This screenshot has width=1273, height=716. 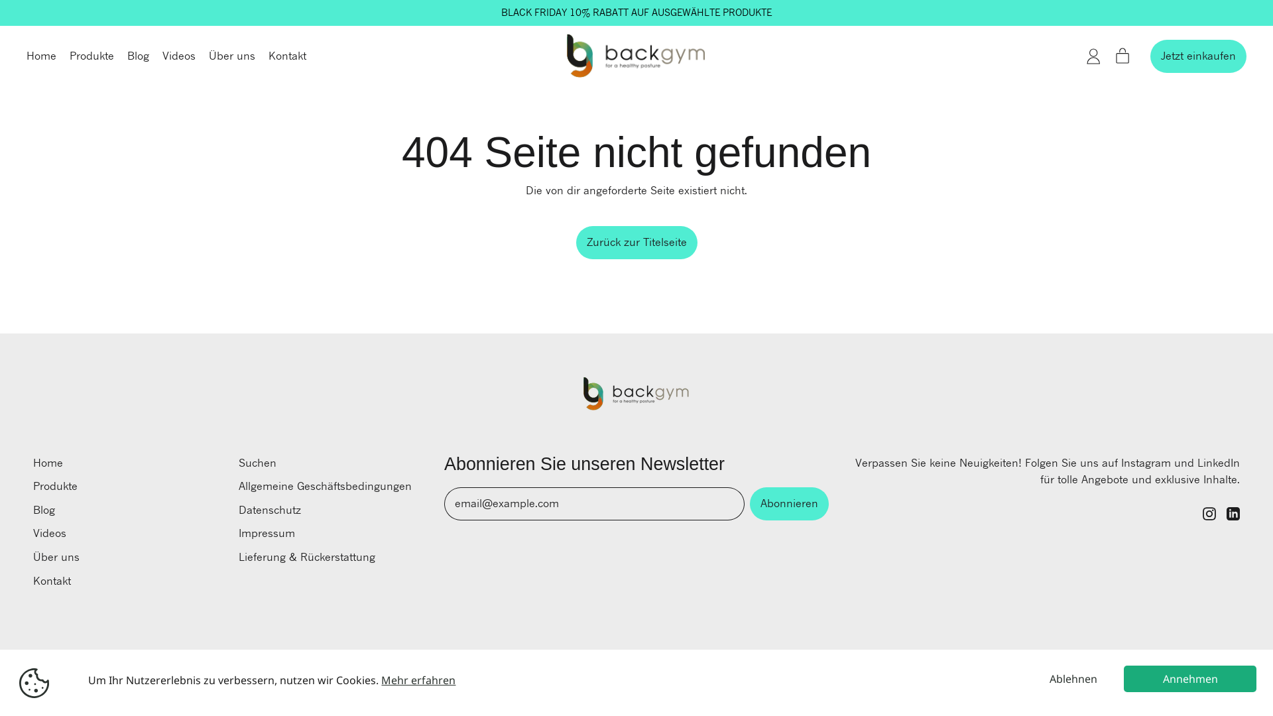 I want to click on 'Videos', so click(x=50, y=532).